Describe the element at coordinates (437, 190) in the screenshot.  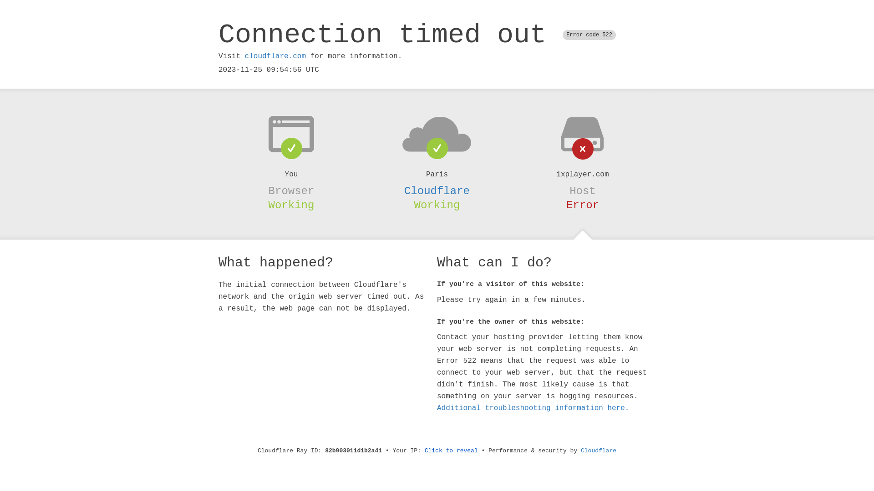
I see `'Cloudflare'` at that location.